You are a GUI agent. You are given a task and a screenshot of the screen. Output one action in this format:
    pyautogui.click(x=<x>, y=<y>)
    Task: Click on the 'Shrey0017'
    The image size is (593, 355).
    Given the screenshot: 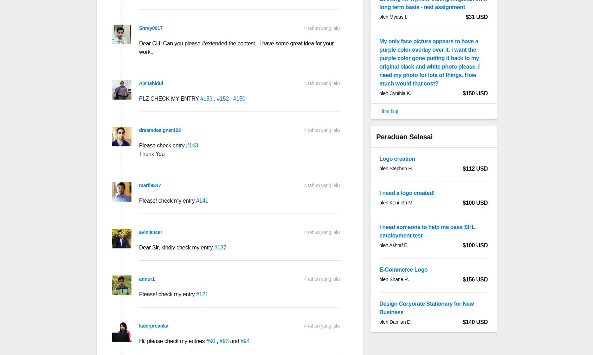 What is the action you would take?
    pyautogui.click(x=150, y=28)
    